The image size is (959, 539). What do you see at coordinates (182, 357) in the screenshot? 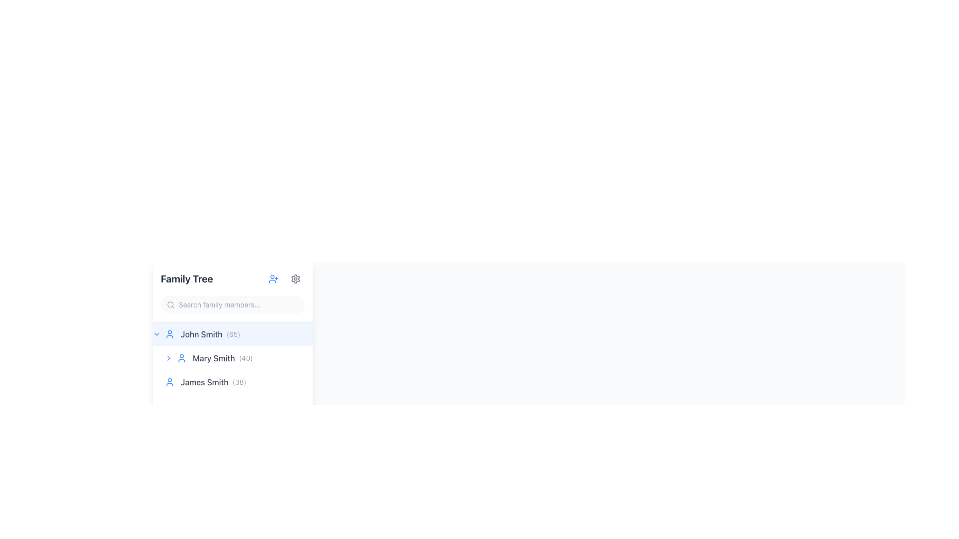
I see `the user icon representing 'Mary Smith (40)' in the family tree panel, which is located to the left of the text and is the second item in the list` at bounding box center [182, 357].